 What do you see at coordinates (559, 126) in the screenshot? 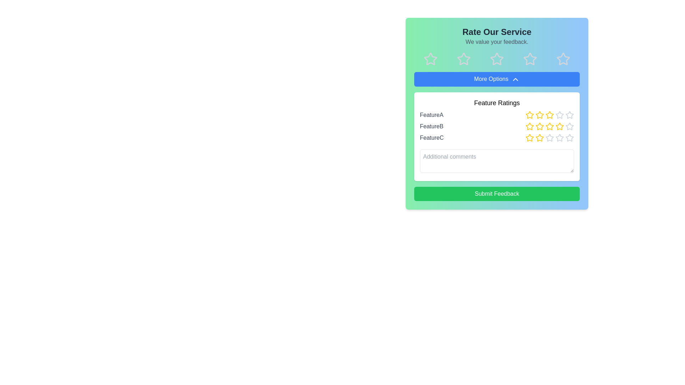
I see `the fourth Rating Star icon for 'FeatureB' in the 'Feature Ratings' section` at bounding box center [559, 126].